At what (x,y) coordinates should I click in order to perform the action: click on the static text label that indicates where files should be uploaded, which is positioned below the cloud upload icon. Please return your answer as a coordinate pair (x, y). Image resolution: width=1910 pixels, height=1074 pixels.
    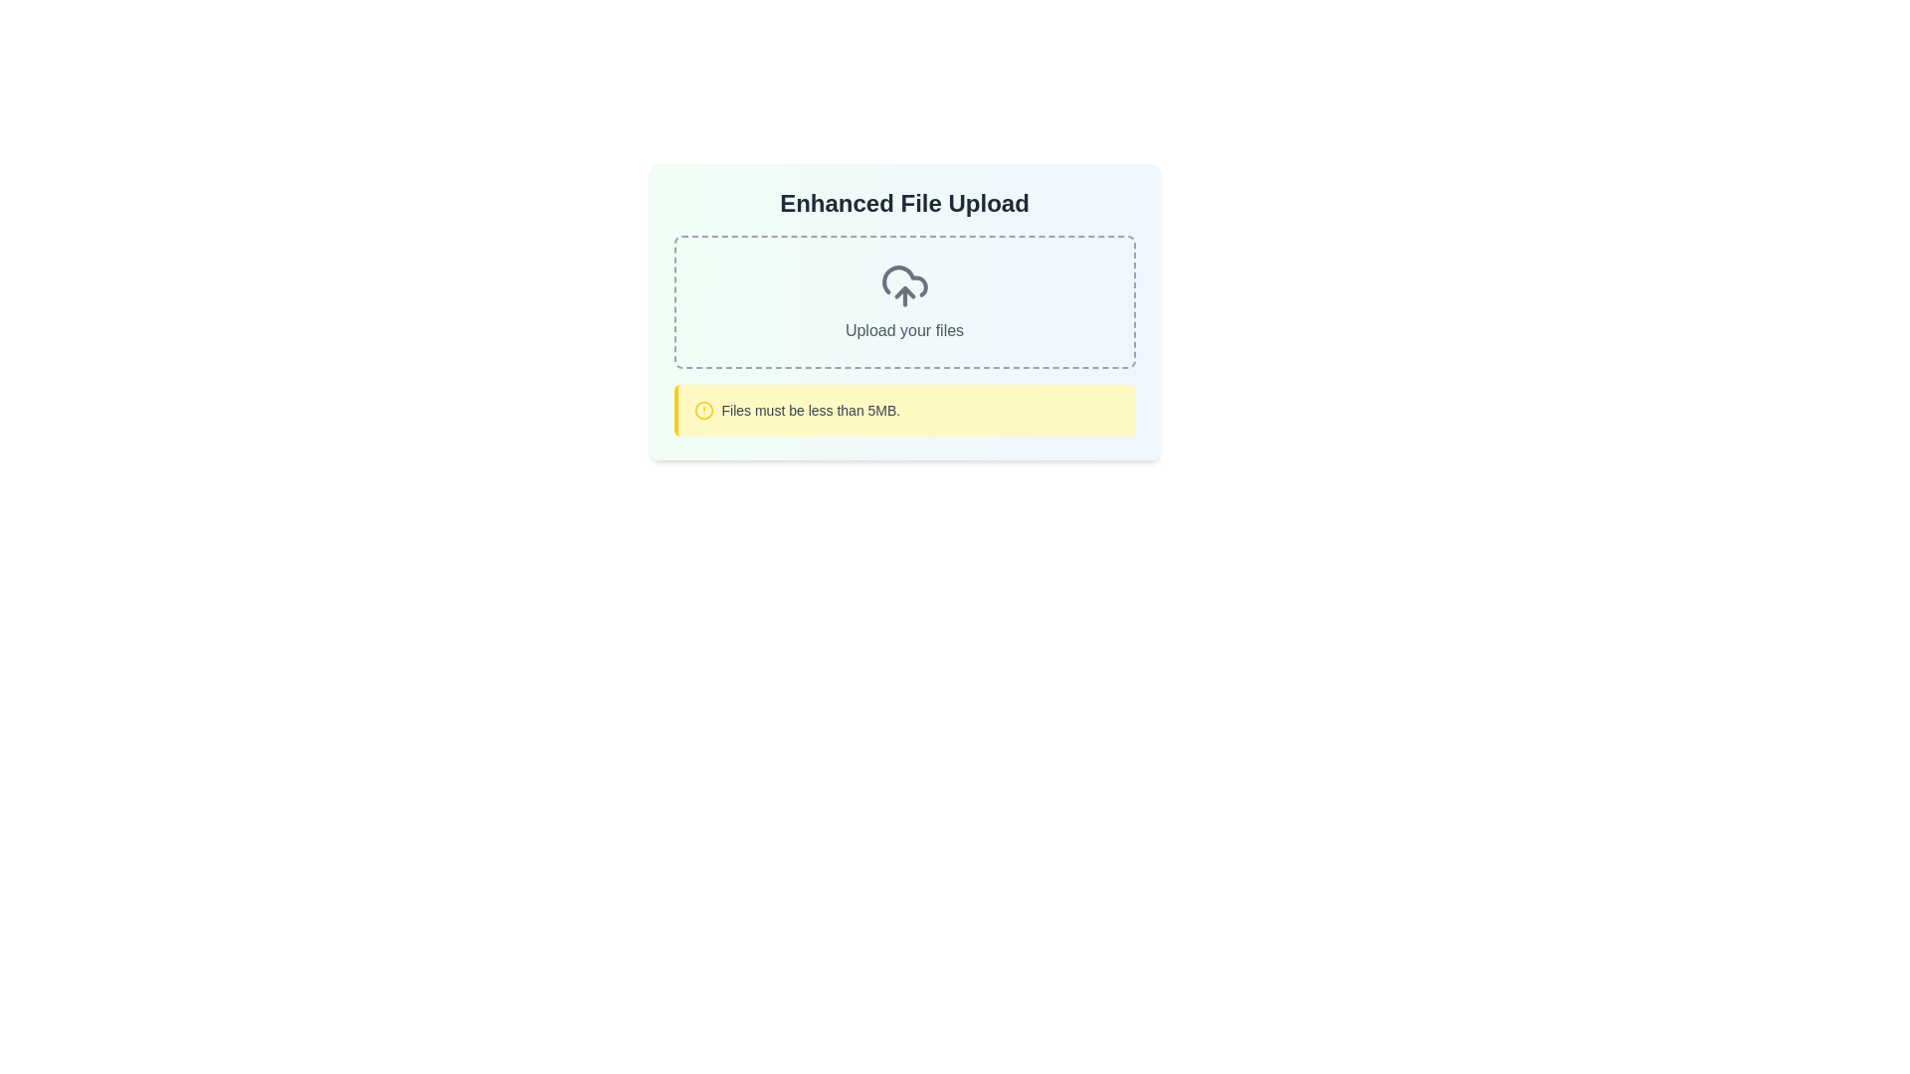
    Looking at the image, I should click on (903, 329).